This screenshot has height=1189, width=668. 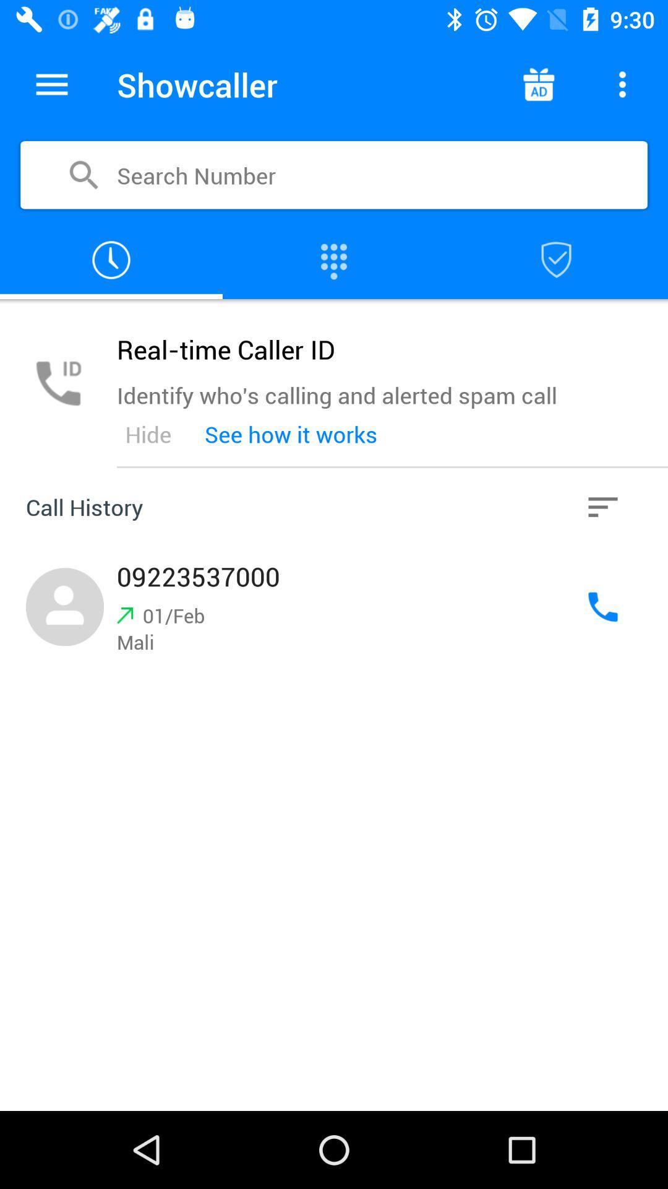 What do you see at coordinates (51, 84) in the screenshot?
I see `shows the menu drop down` at bounding box center [51, 84].